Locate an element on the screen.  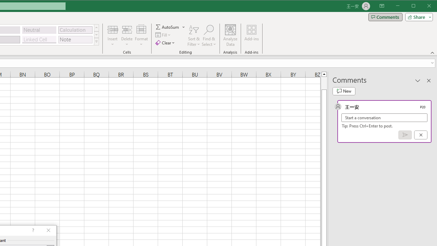
'Task Pane Options' is located at coordinates (418, 80).